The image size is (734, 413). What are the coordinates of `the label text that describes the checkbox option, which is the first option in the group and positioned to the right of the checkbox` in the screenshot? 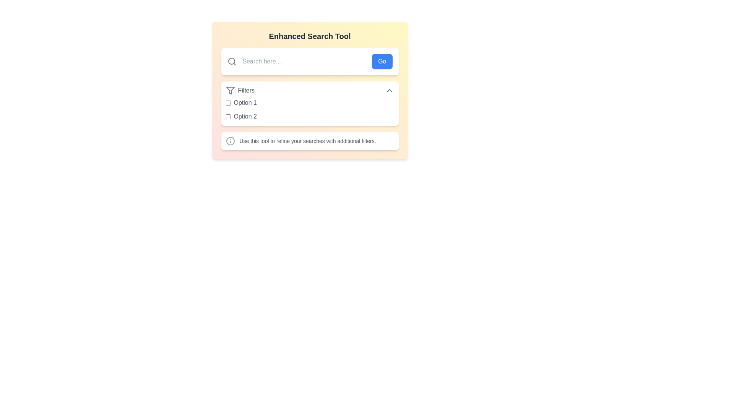 It's located at (245, 102).